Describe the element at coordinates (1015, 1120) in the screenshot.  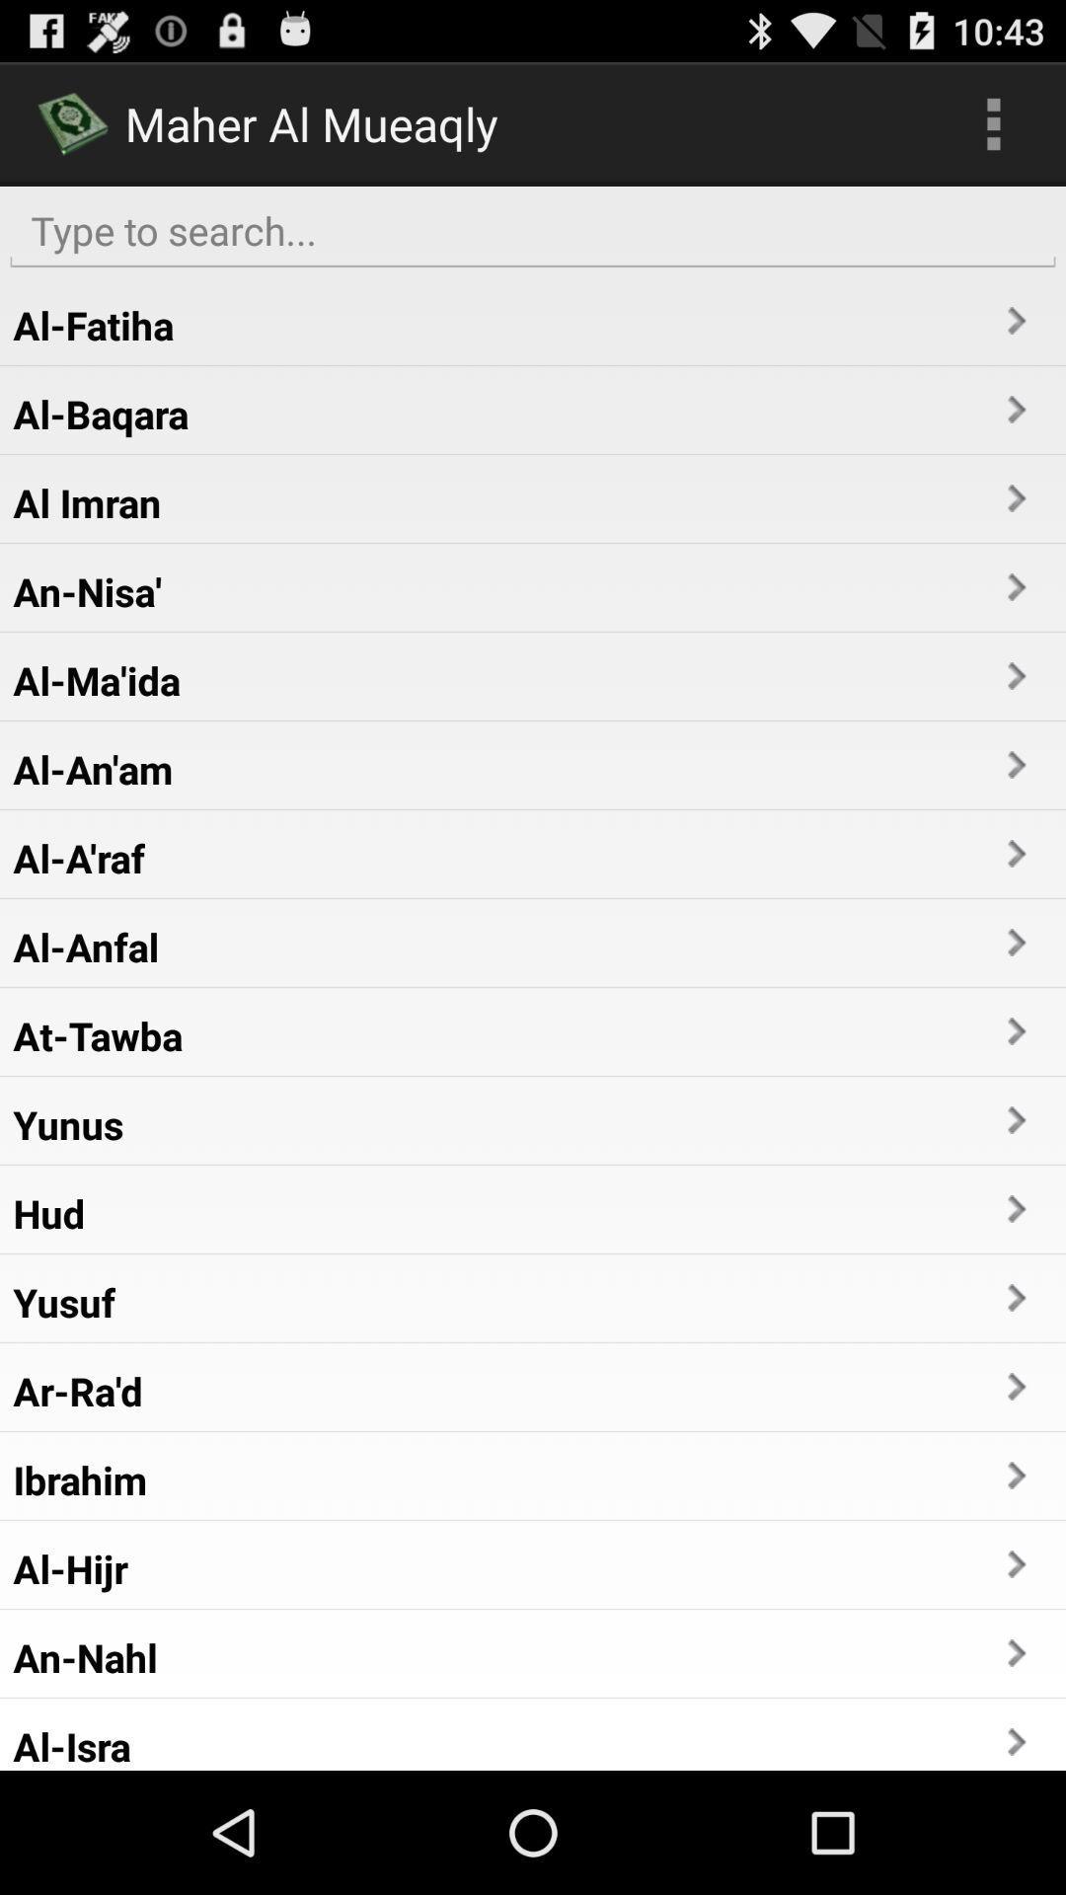
I see `app to the right of the yunus item` at that location.